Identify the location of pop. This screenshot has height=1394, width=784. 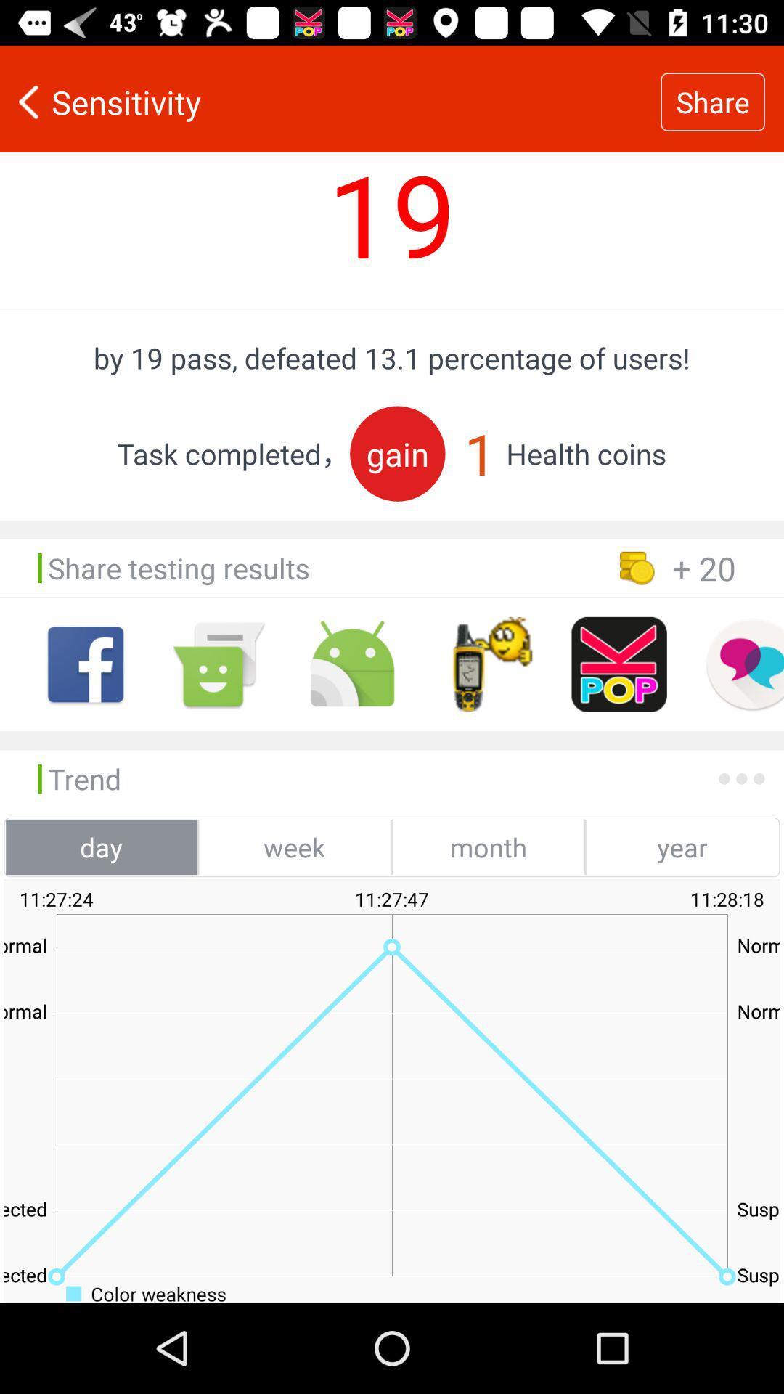
(619, 664).